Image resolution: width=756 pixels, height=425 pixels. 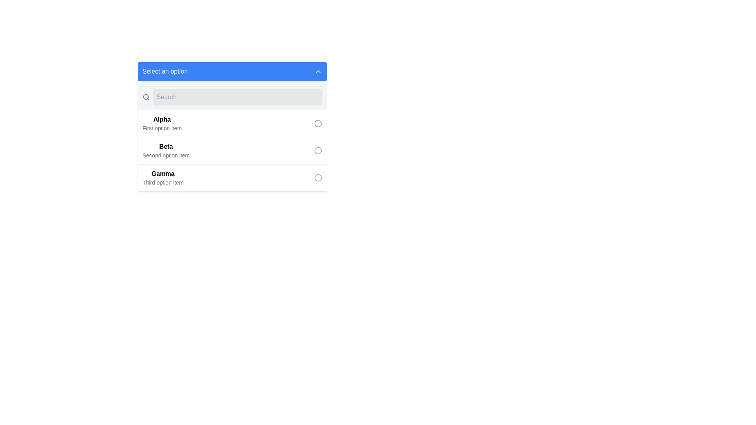 I want to click on the third list item titled 'Gamma', which includes a bold title and a smaller gray description below it, so click(x=232, y=178).